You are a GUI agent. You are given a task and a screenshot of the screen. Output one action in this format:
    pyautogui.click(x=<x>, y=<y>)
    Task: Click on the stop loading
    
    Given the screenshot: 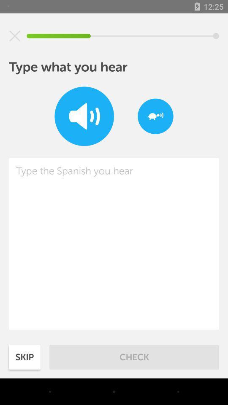 What is the action you would take?
    pyautogui.click(x=15, y=36)
    